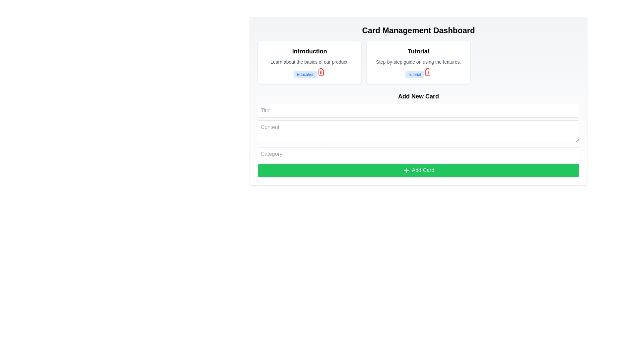 Image resolution: width=637 pixels, height=358 pixels. What do you see at coordinates (428, 73) in the screenshot?
I see `the delete button icon in the top right section of the dashboard` at bounding box center [428, 73].